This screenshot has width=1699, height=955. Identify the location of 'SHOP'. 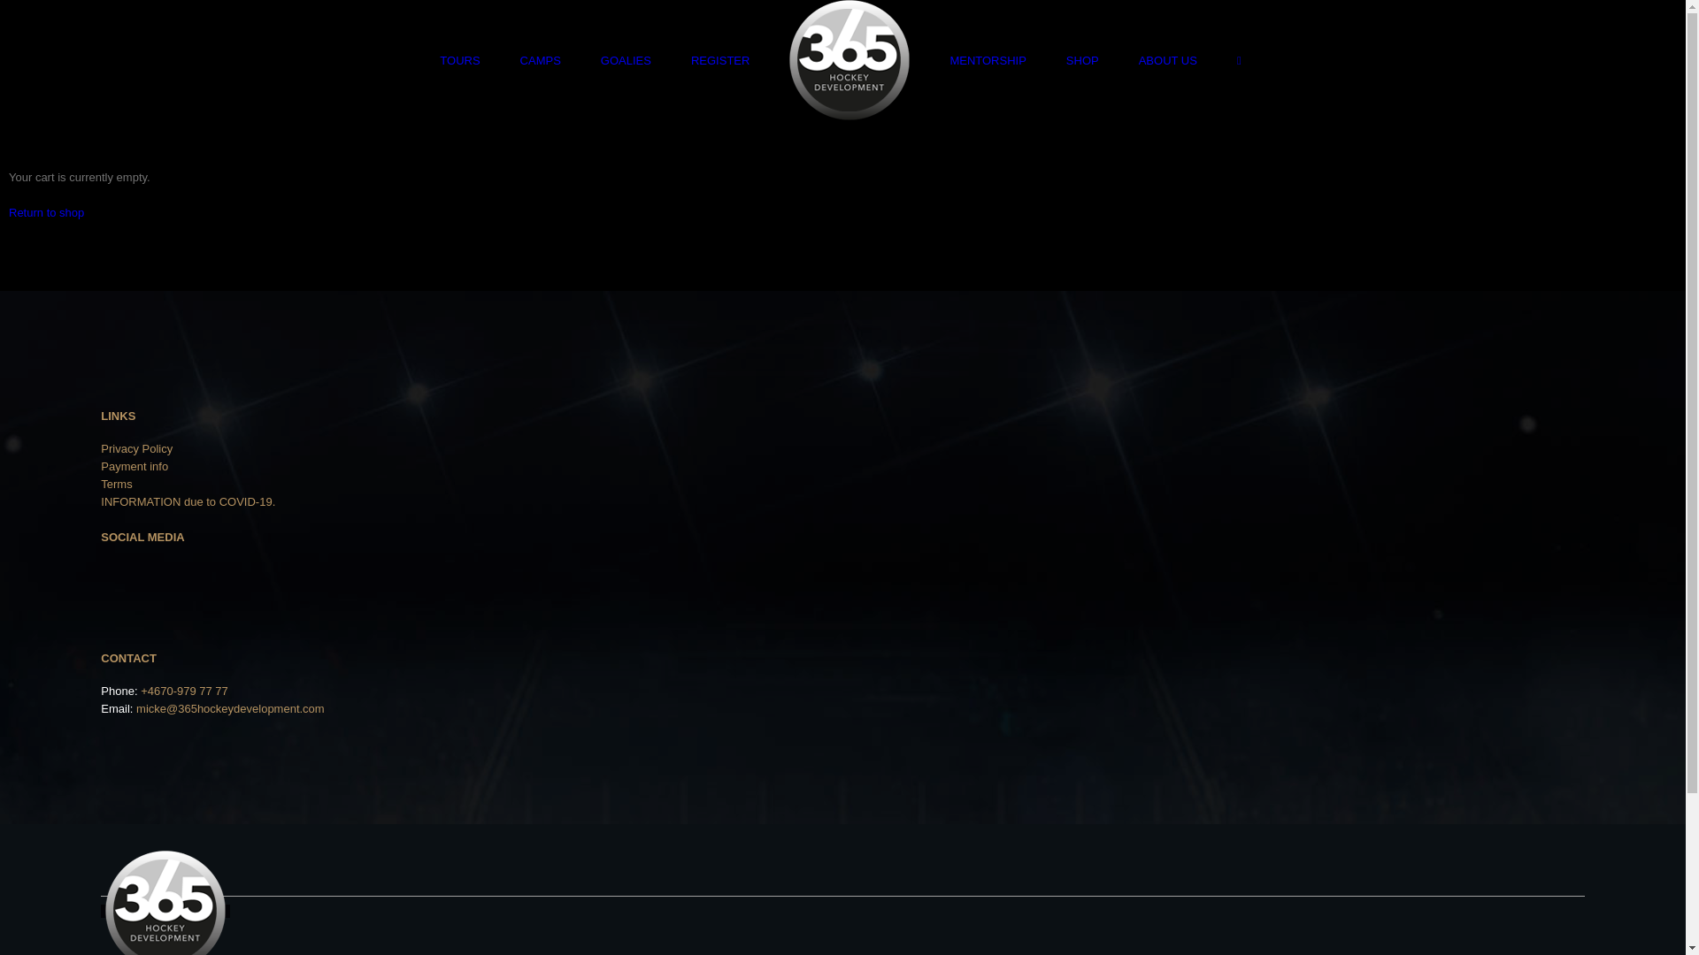
(1065, 59).